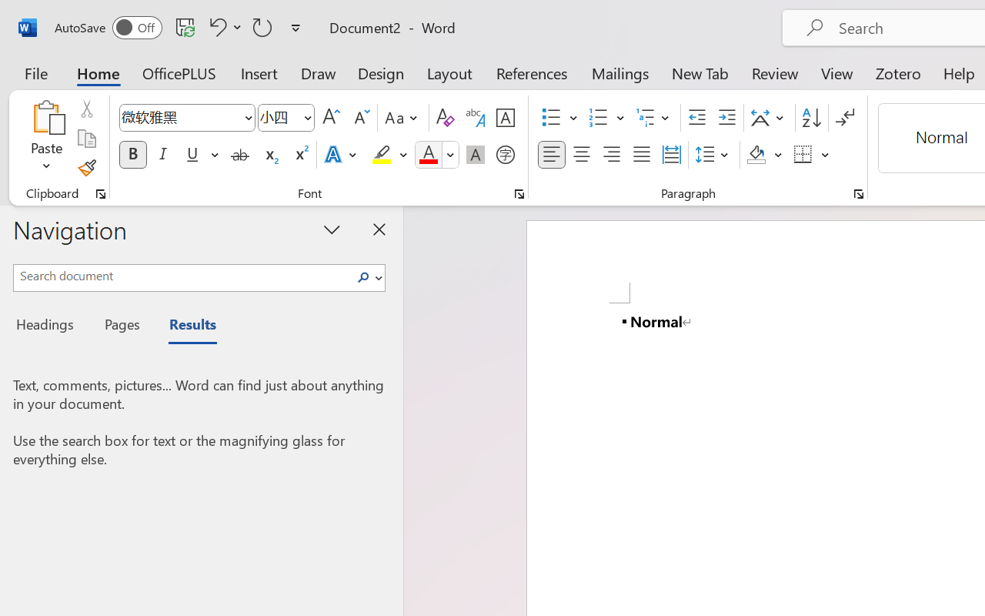 The image size is (985, 616). I want to click on 'Copy', so click(85, 138).